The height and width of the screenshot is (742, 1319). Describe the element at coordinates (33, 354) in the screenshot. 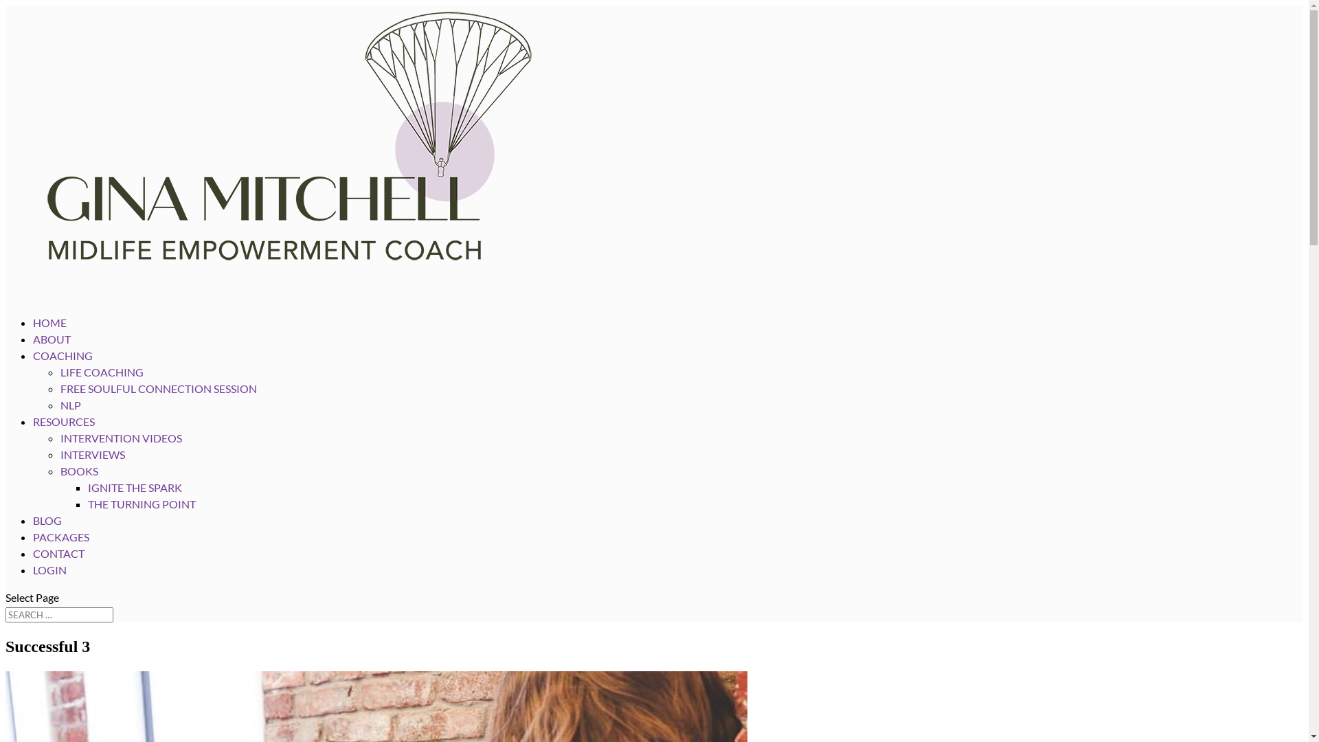

I see `'ABOUT'` at that location.